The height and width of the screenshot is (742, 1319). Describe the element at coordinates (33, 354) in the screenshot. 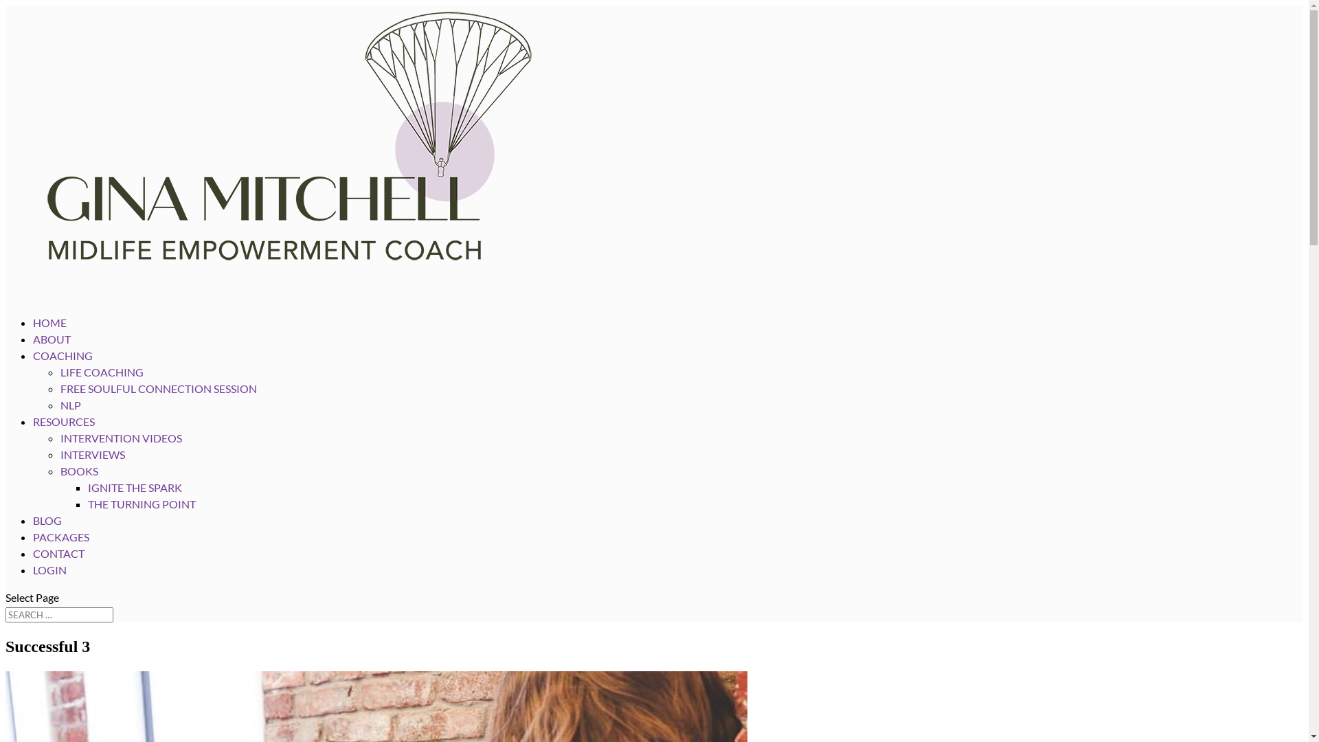

I see `'ABOUT'` at that location.